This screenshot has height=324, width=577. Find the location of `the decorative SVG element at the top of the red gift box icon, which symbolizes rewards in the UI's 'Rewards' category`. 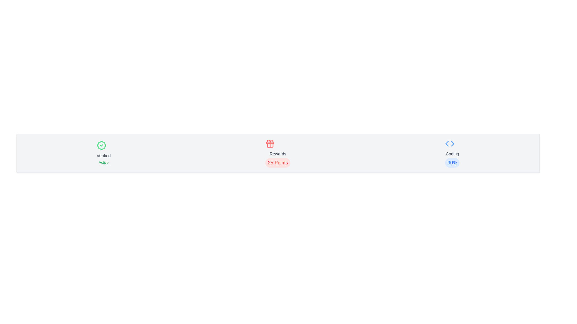

the decorative SVG element at the top of the red gift box icon, which symbolizes rewards in the UI's 'Rewards' category is located at coordinates (270, 141).